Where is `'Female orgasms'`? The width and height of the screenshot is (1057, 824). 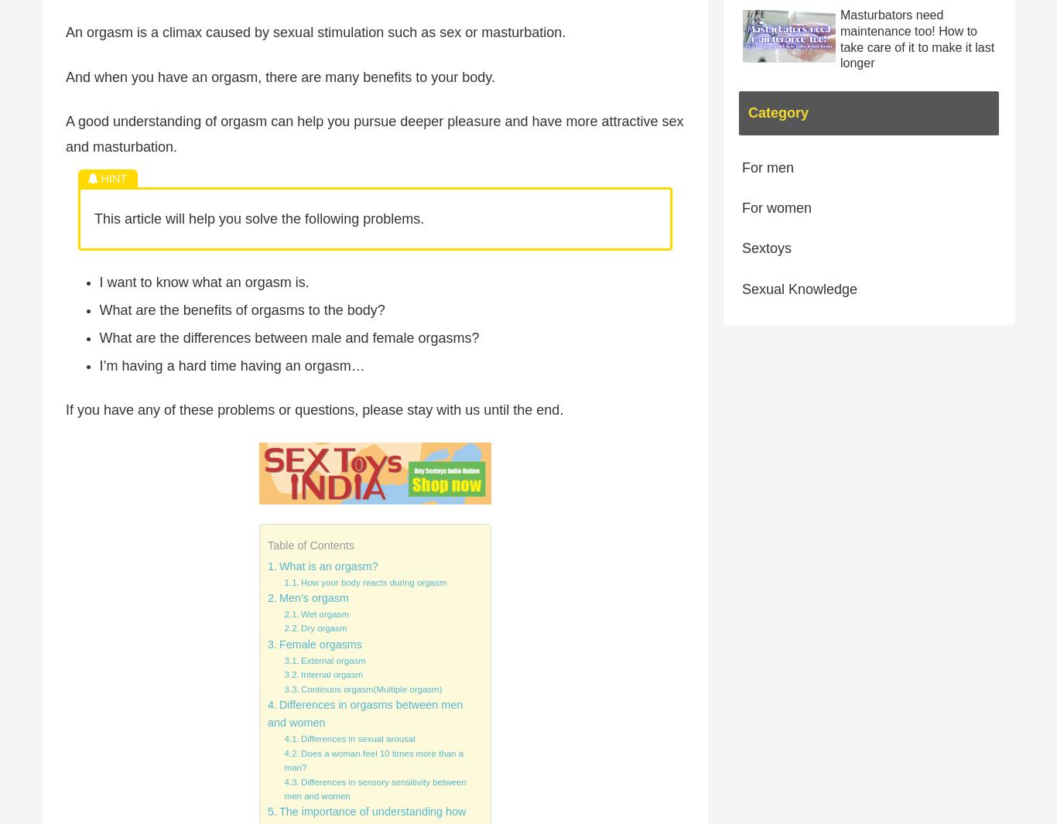 'Female orgasms' is located at coordinates (320, 643).